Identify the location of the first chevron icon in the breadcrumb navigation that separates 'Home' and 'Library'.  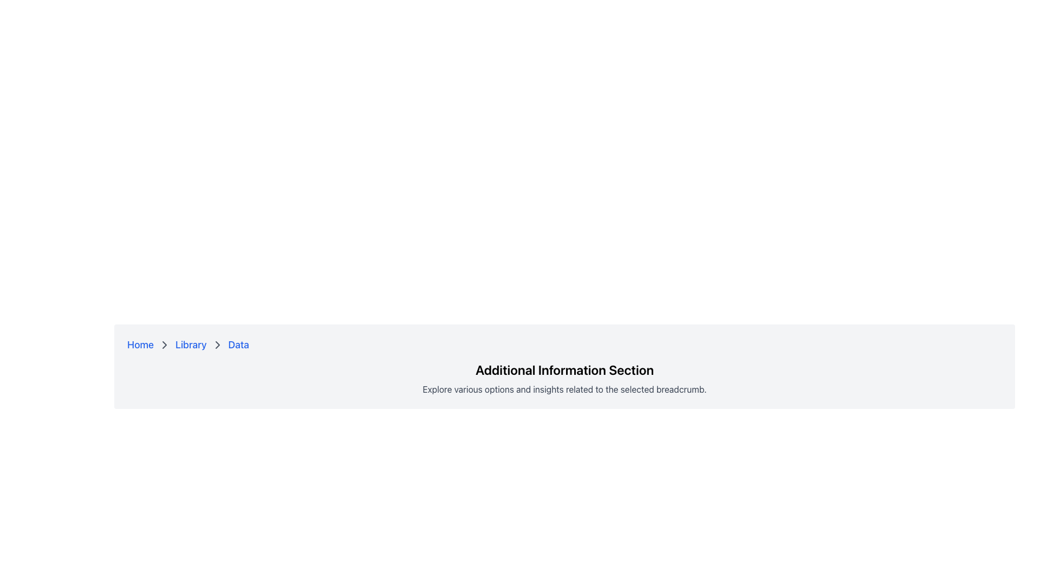
(164, 344).